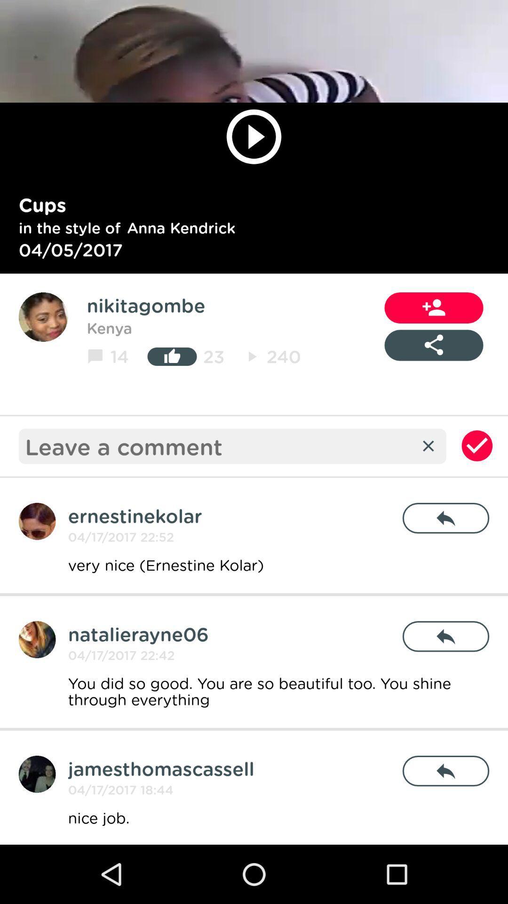 The image size is (508, 904). I want to click on the icon to the right of the natalierayne06, so click(445, 636).